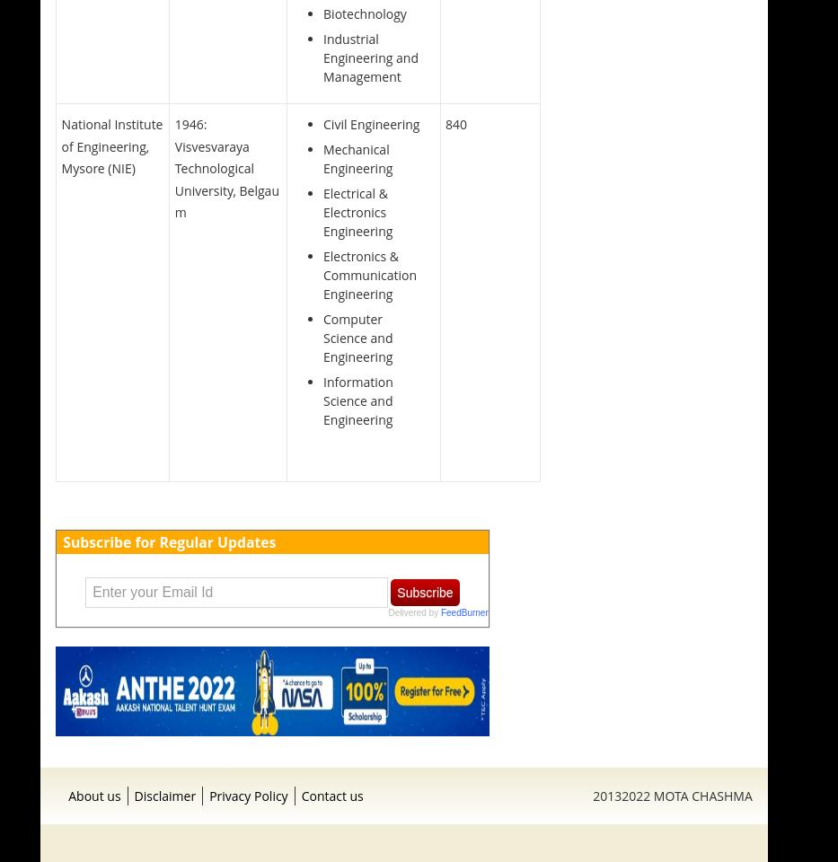 Image resolution: width=838 pixels, height=862 pixels. Describe the element at coordinates (371, 123) in the screenshot. I see `'Civil Engineering'` at that location.